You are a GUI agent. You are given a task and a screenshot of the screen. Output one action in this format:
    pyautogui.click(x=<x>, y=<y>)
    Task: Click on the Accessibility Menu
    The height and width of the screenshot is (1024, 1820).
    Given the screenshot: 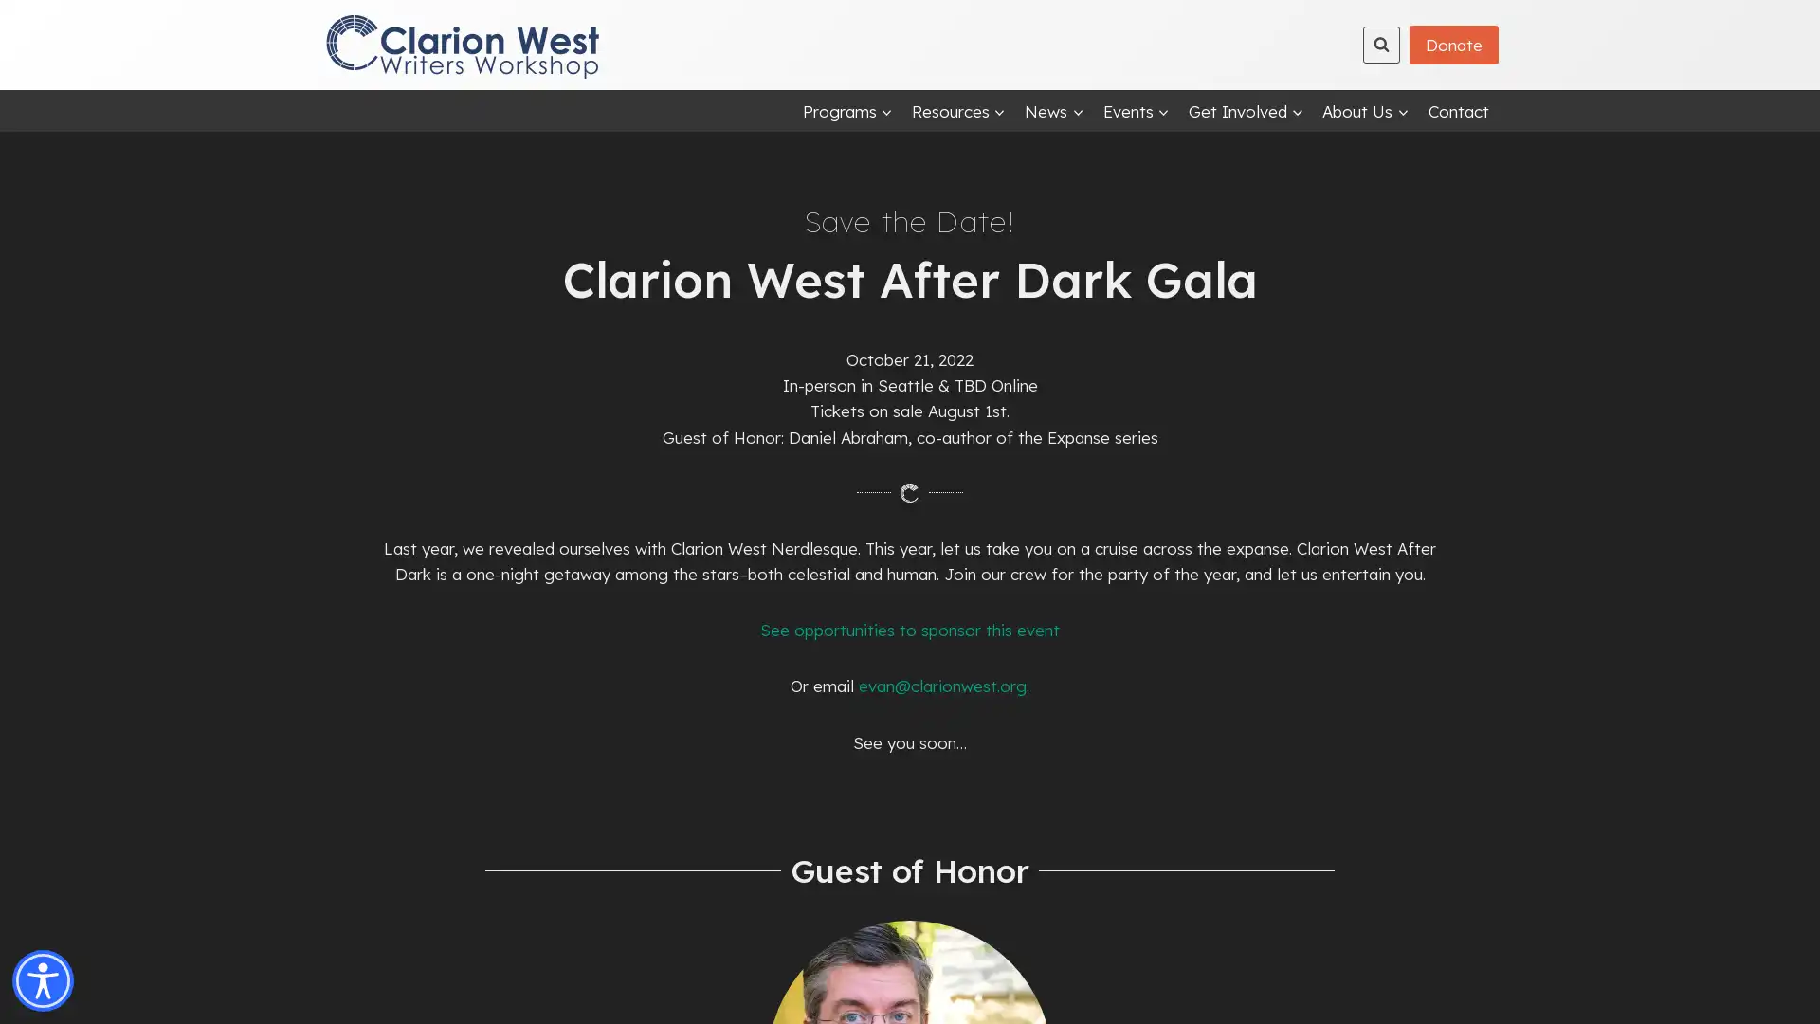 What is the action you would take?
    pyautogui.click(x=43, y=980)
    